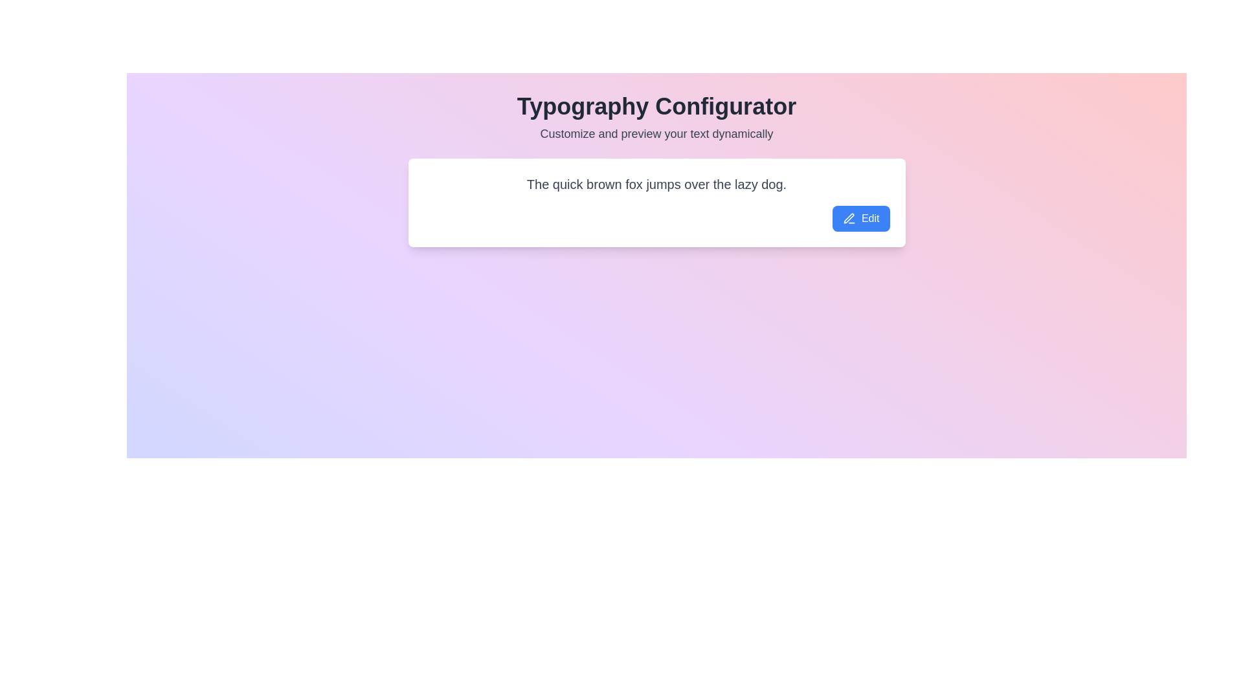 The height and width of the screenshot is (699, 1243). I want to click on title text located in the upper central part of the interface, which serves as the main header above the subtitle 'Customize and preview your text dynamically', so click(656, 106).